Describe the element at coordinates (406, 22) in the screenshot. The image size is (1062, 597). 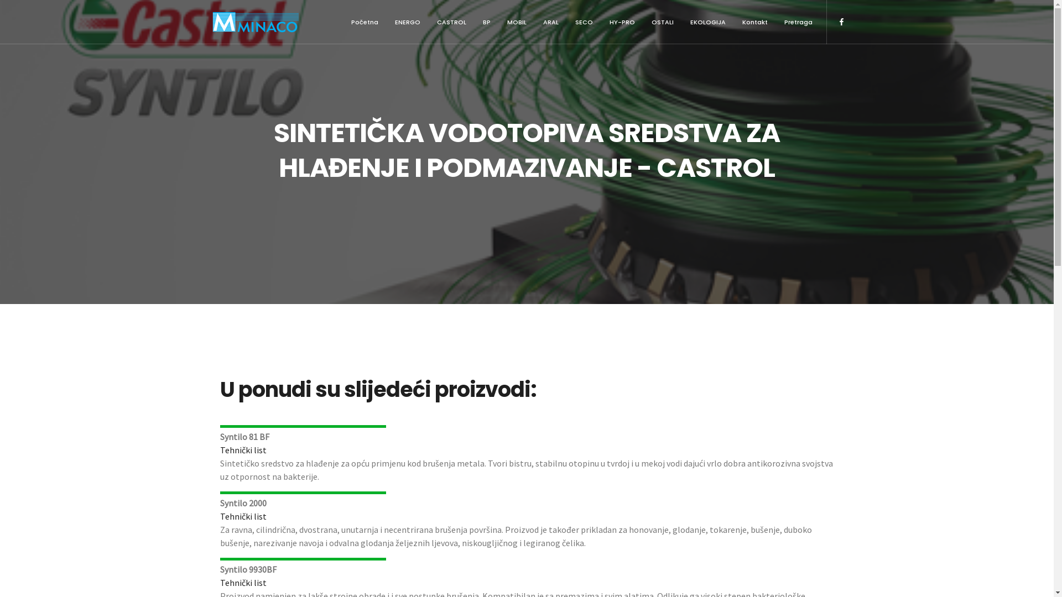
I see `'ENERGO'` at that location.